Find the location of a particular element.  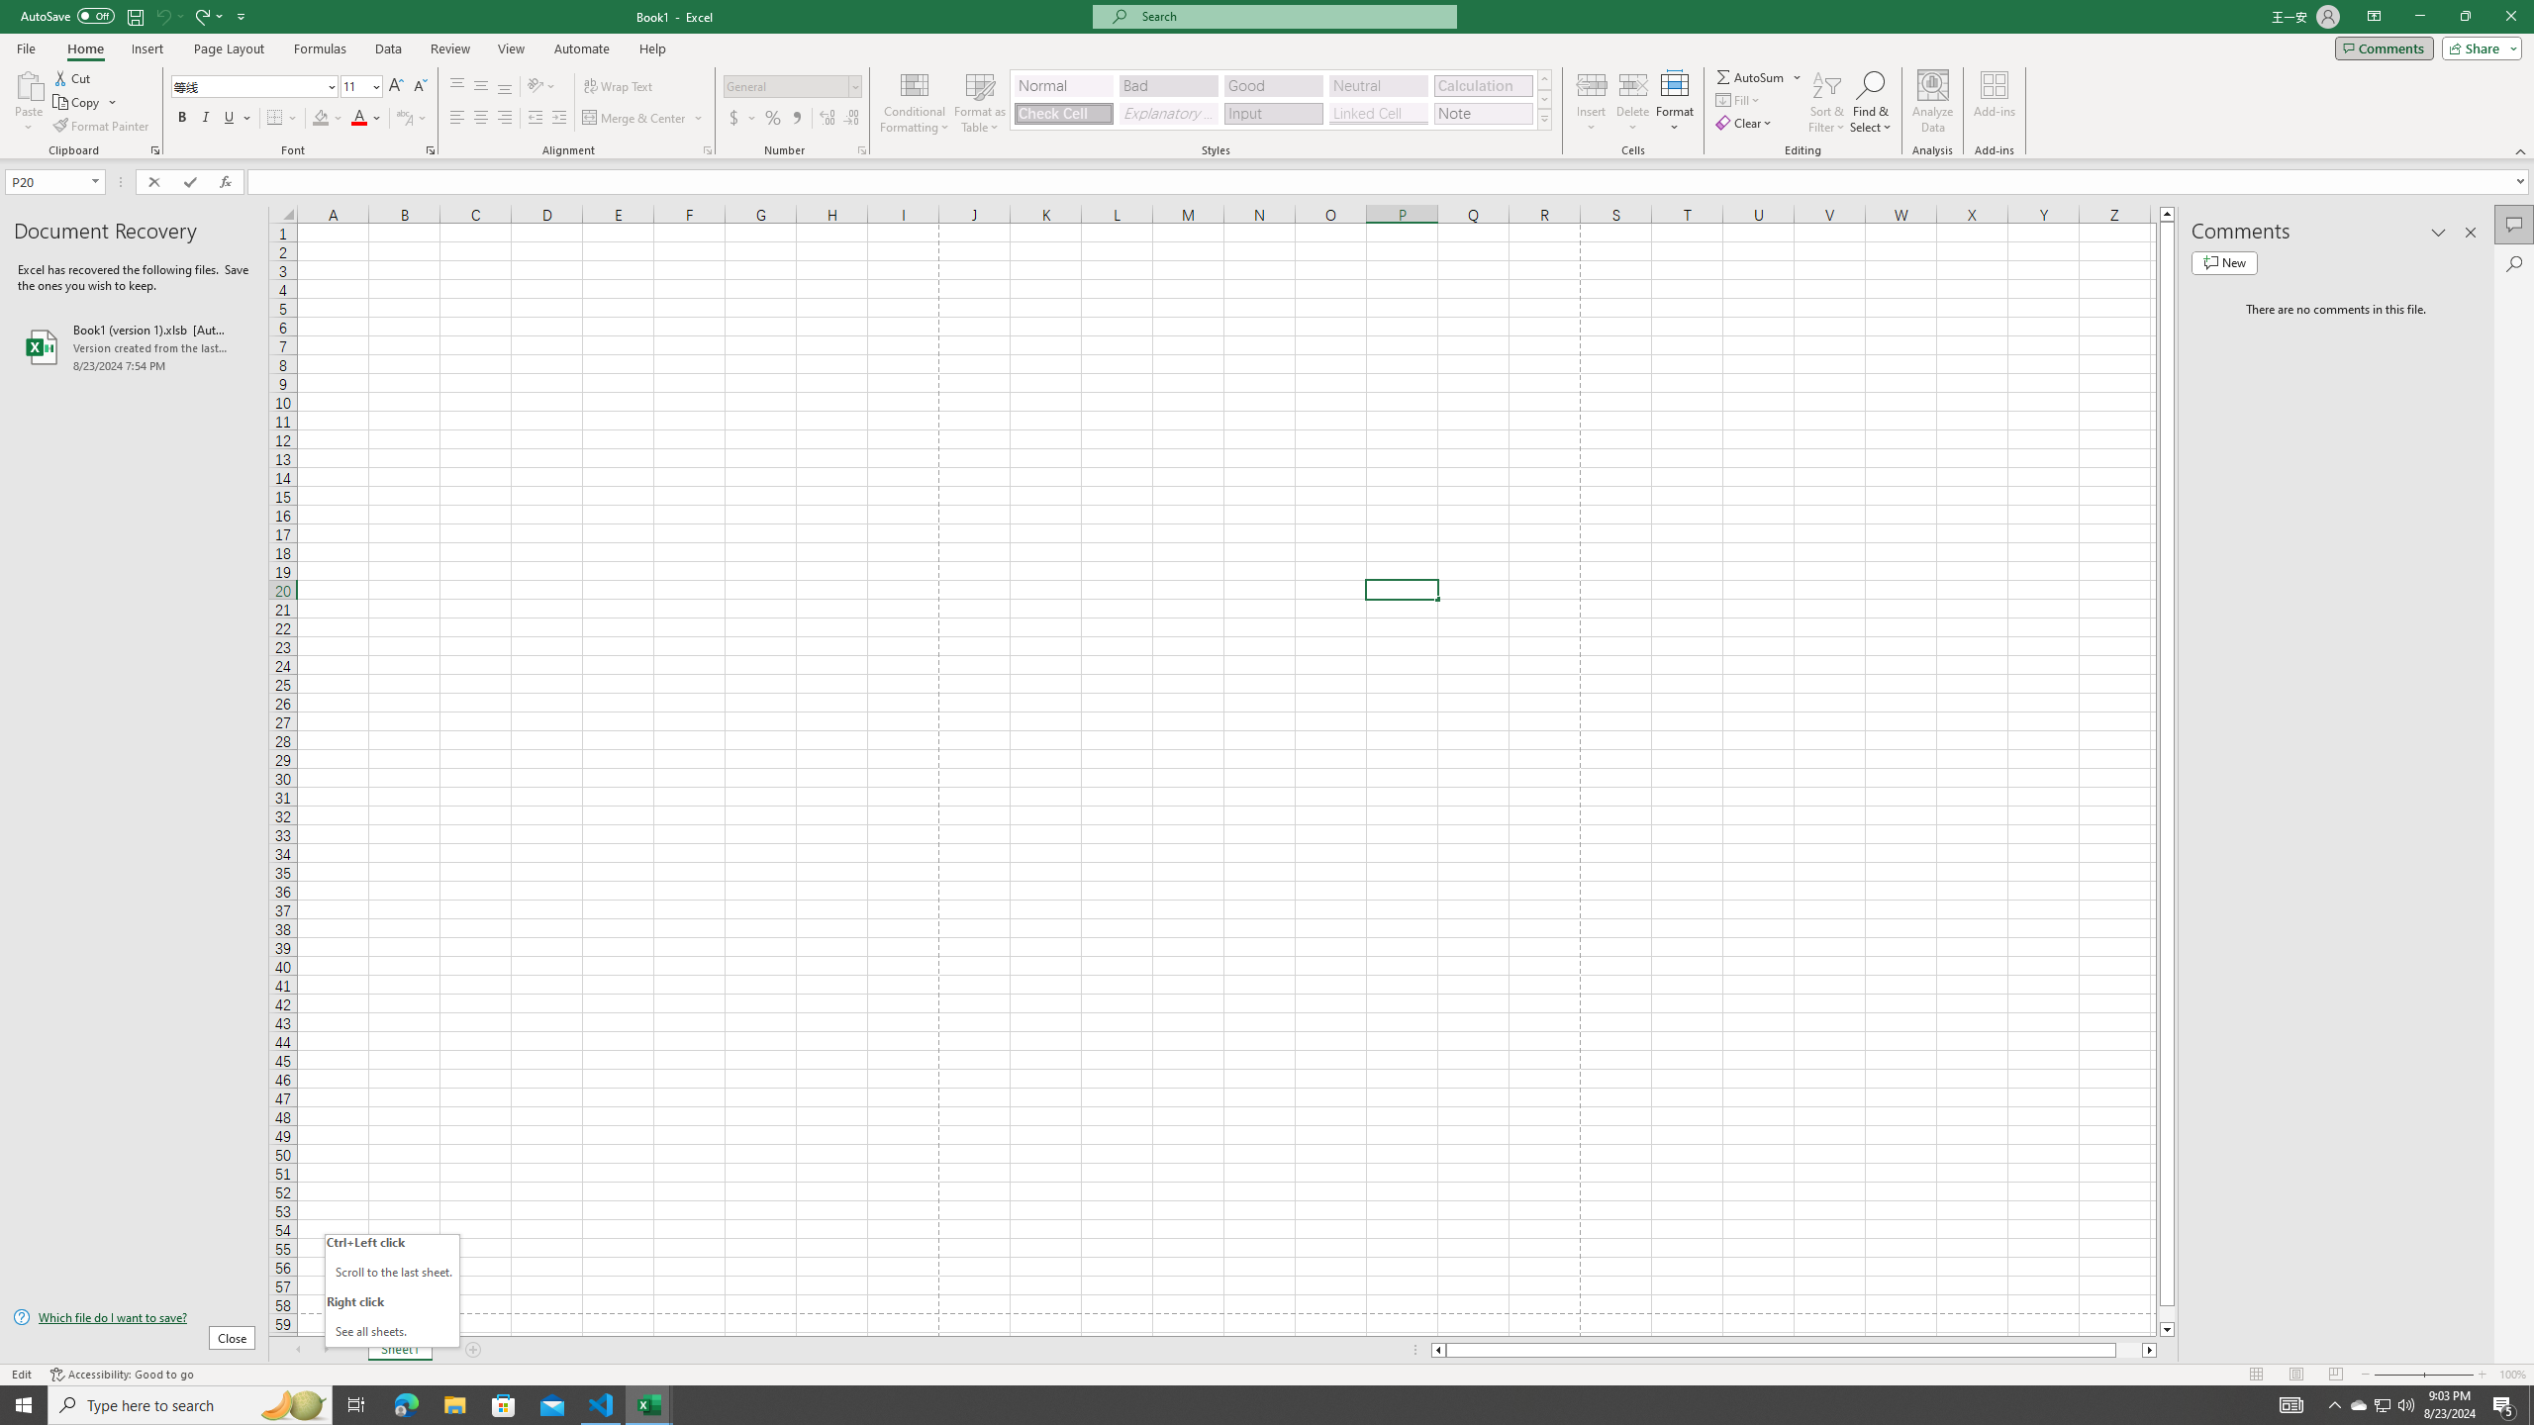

'Find & Select' is located at coordinates (1871, 102).